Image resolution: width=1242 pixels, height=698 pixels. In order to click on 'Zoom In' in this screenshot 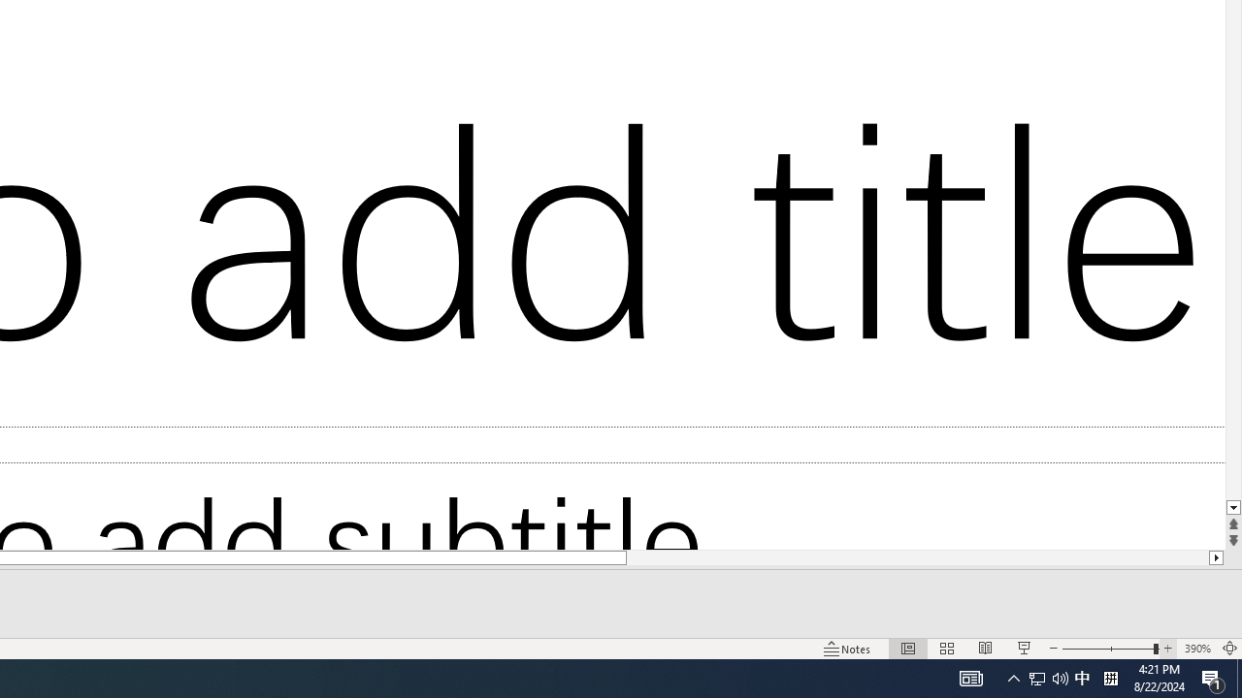, I will do `click(1167, 649)`.